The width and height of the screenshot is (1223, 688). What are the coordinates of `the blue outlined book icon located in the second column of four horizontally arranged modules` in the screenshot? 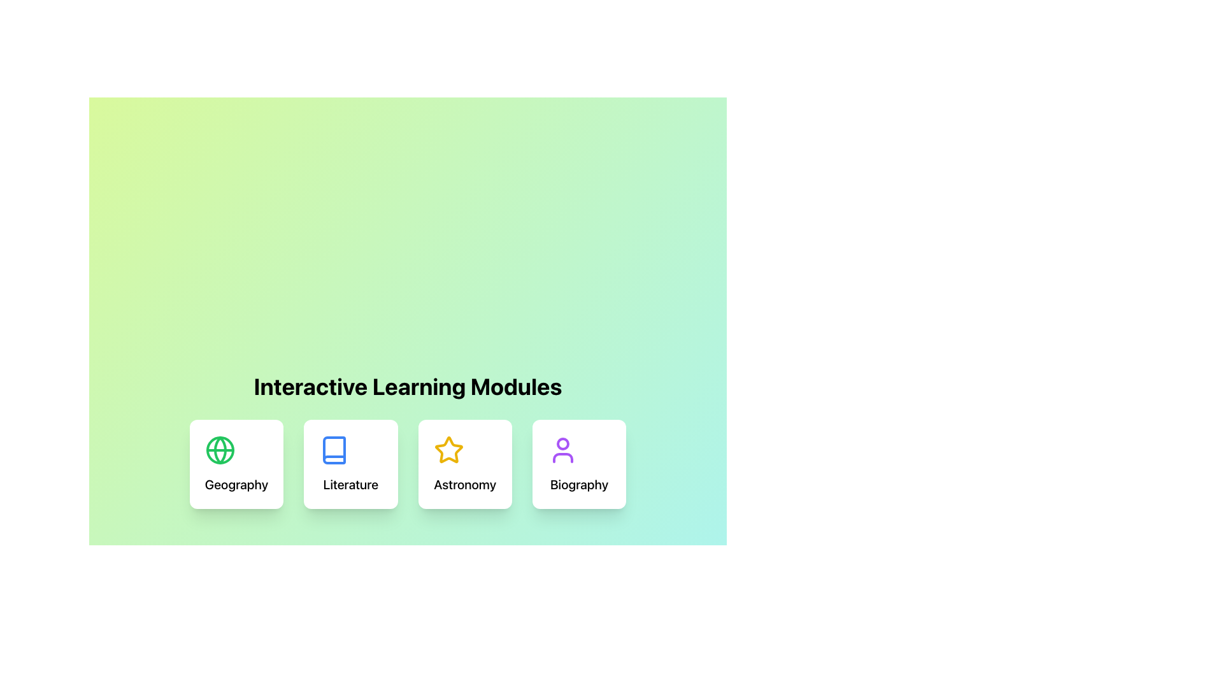 It's located at (334, 449).